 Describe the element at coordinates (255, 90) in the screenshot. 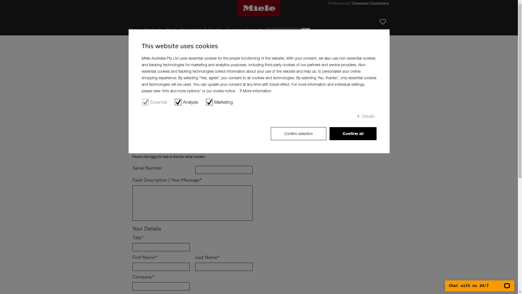

I see `'More information'` at that location.